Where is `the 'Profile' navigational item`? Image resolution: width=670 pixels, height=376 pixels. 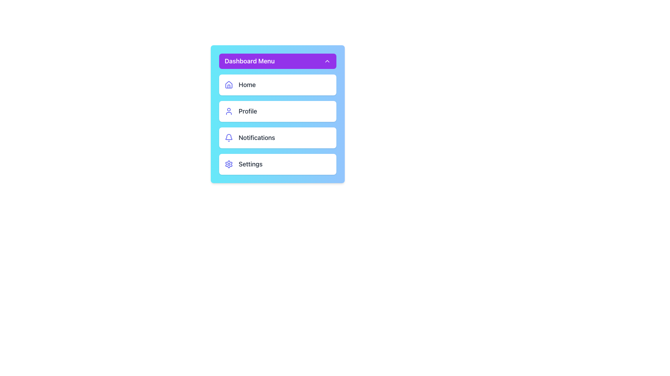 the 'Profile' navigational item is located at coordinates (277, 111).